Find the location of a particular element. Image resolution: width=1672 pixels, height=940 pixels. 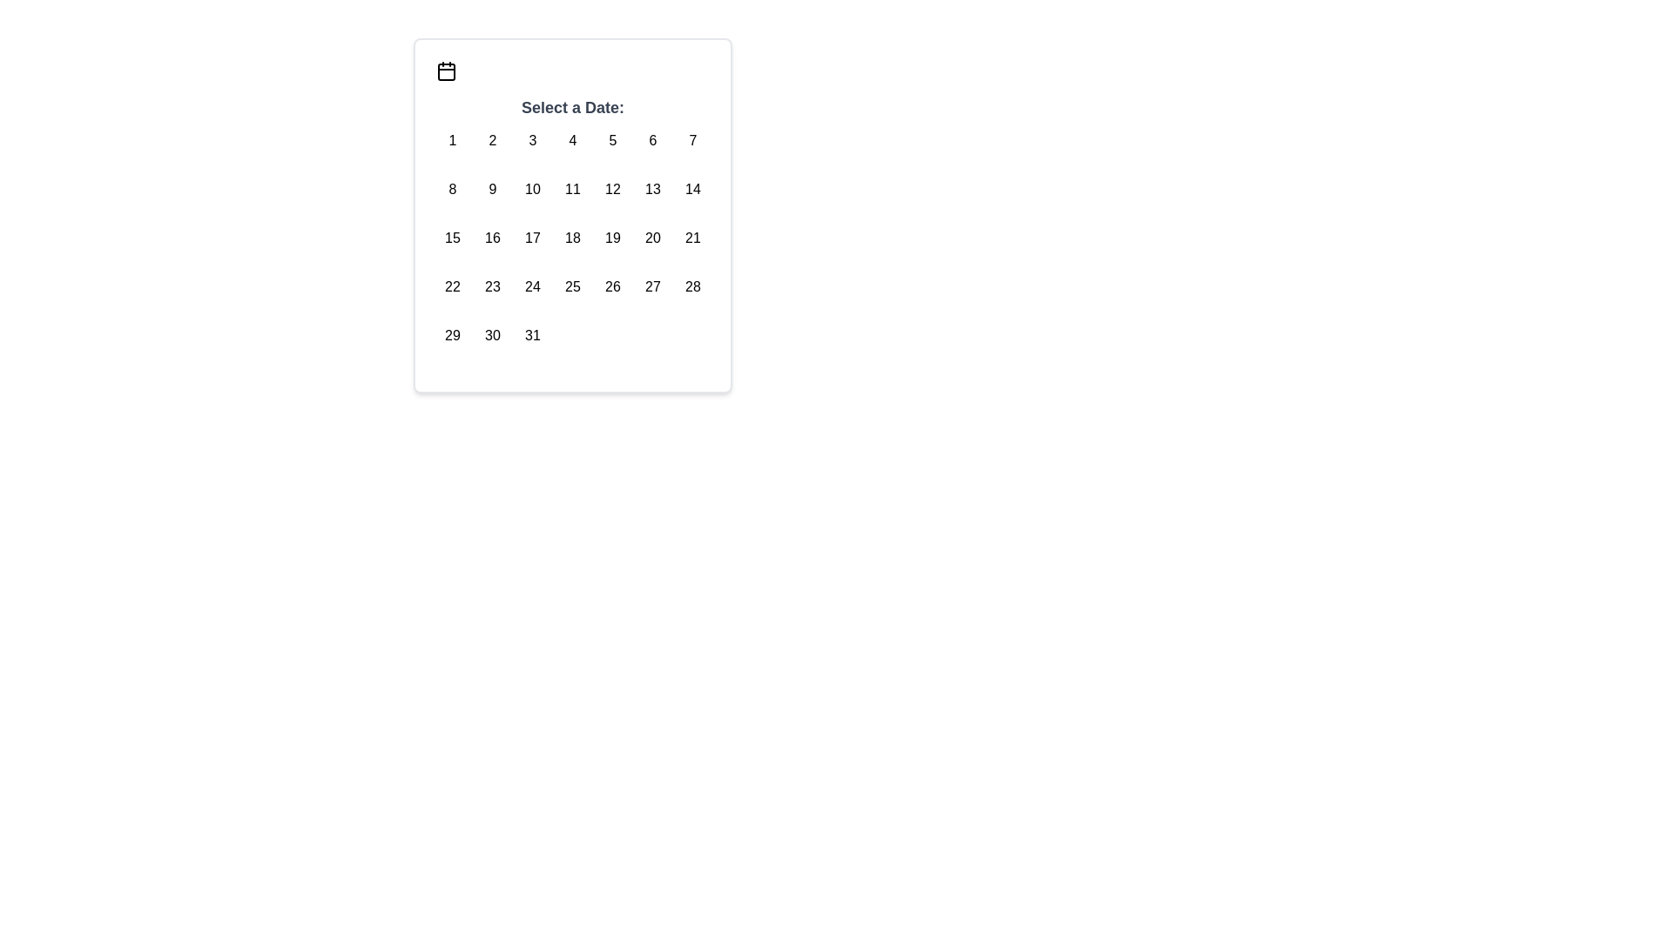

the number in the grid of interactive buttons is located at coordinates (572, 232).